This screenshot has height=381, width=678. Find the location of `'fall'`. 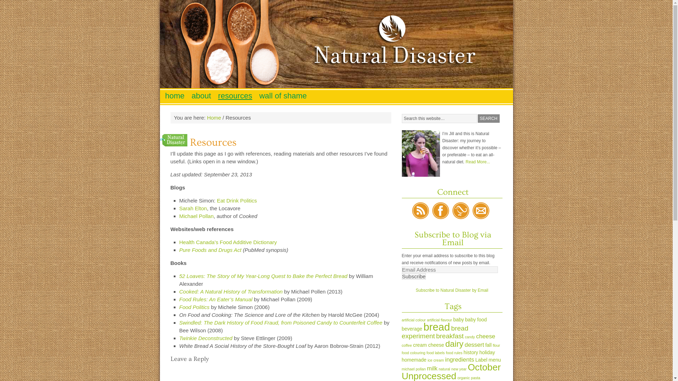

'fall' is located at coordinates (488, 345).